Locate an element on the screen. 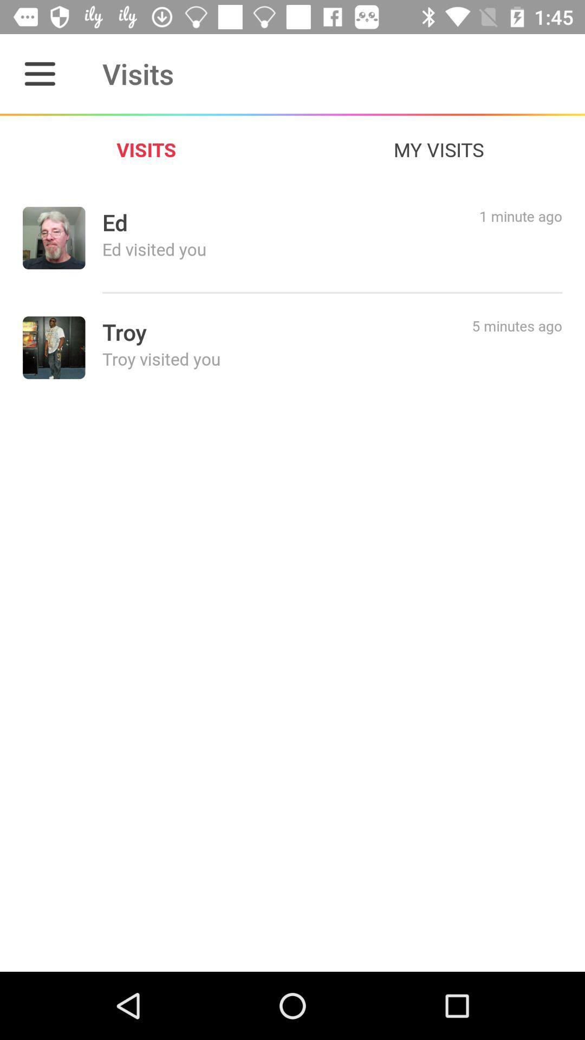 This screenshot has width=585, height=1040. the my visits is located at coordinates (439, 149).